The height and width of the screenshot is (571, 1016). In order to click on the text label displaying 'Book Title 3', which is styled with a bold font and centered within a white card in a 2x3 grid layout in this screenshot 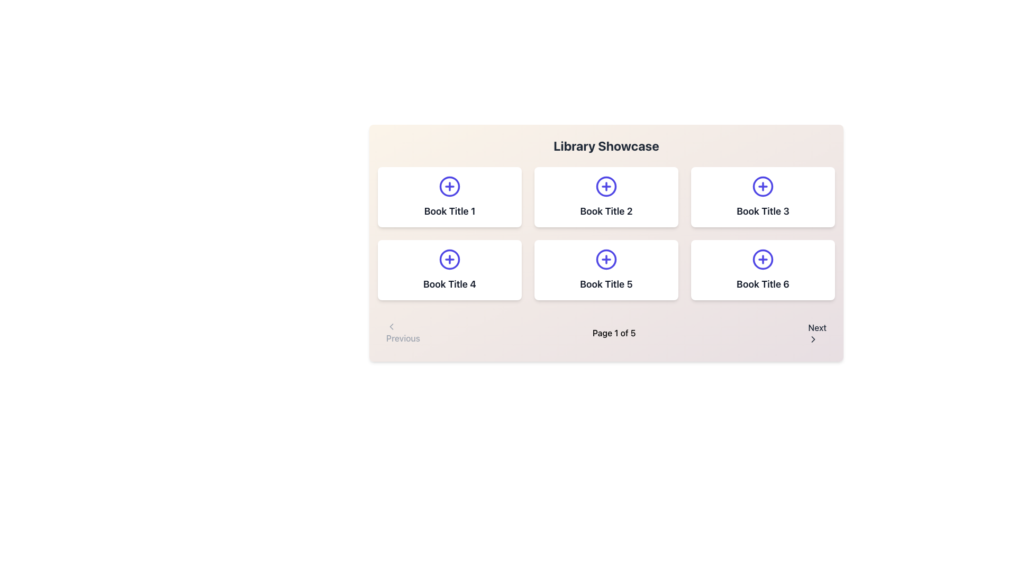, I will do `click(763, 211)`.